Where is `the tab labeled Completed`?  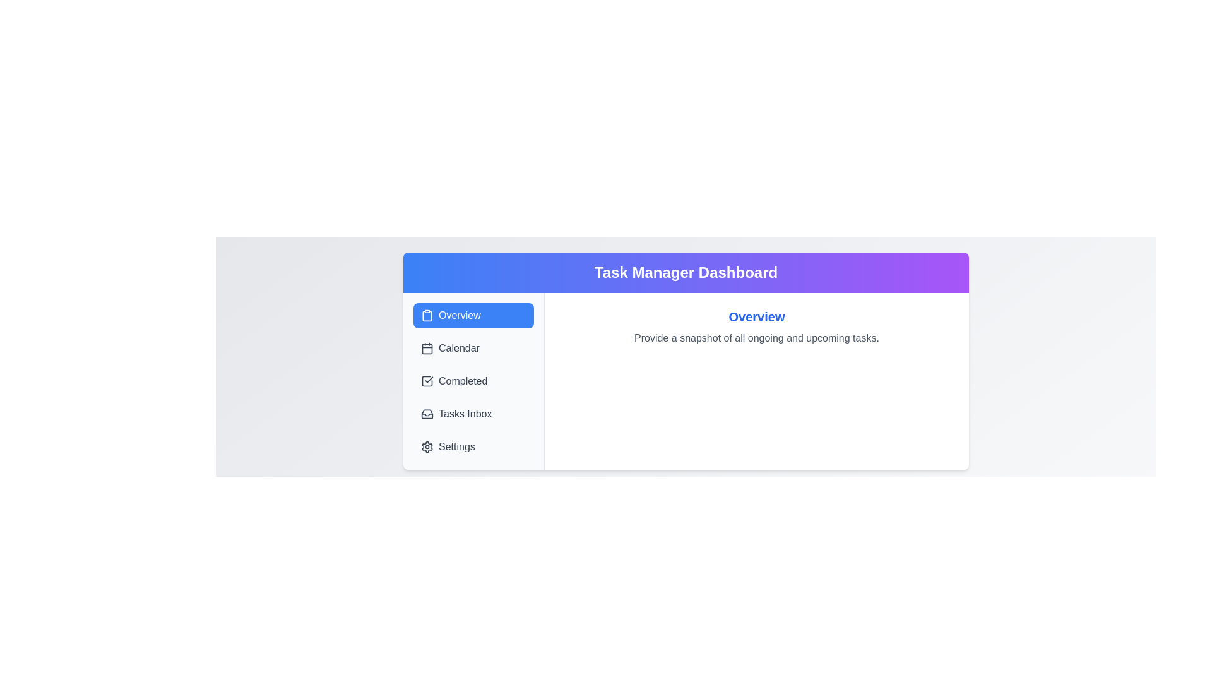
the tab labeled Completed is located at coordinates (473, 381).